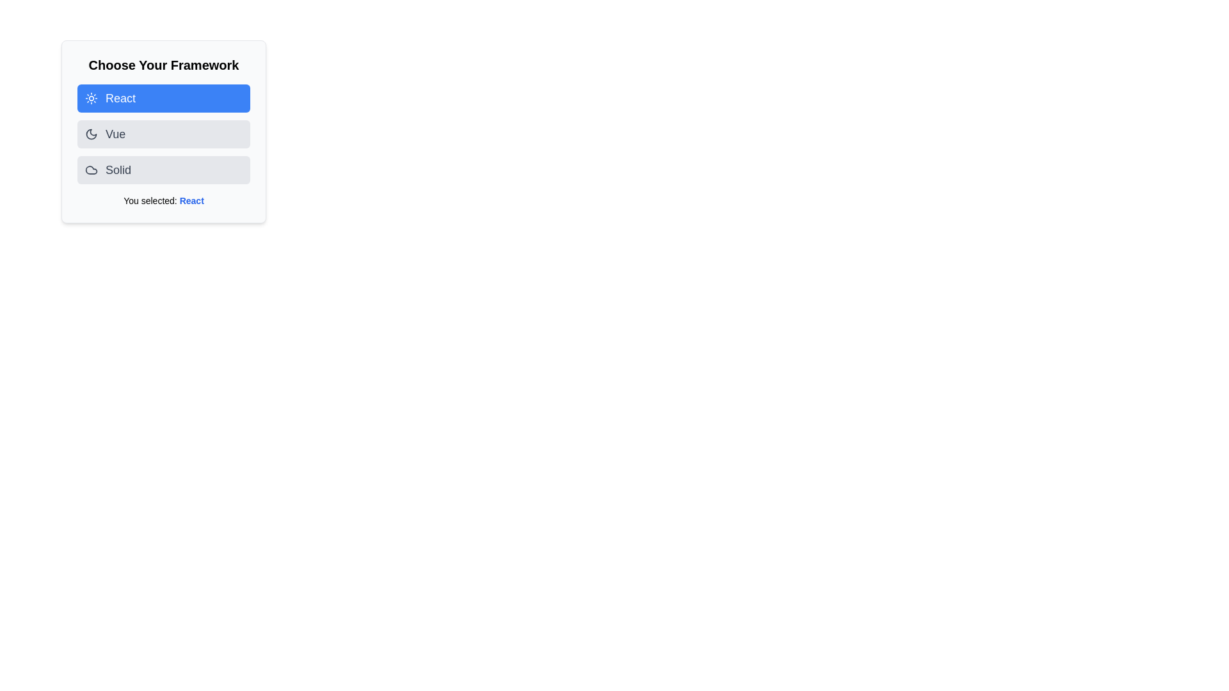 The height and width of the screenshot is (691, 1229). I want to click on the 'Vue' framework icon in the second row of options, so click(91, 134).